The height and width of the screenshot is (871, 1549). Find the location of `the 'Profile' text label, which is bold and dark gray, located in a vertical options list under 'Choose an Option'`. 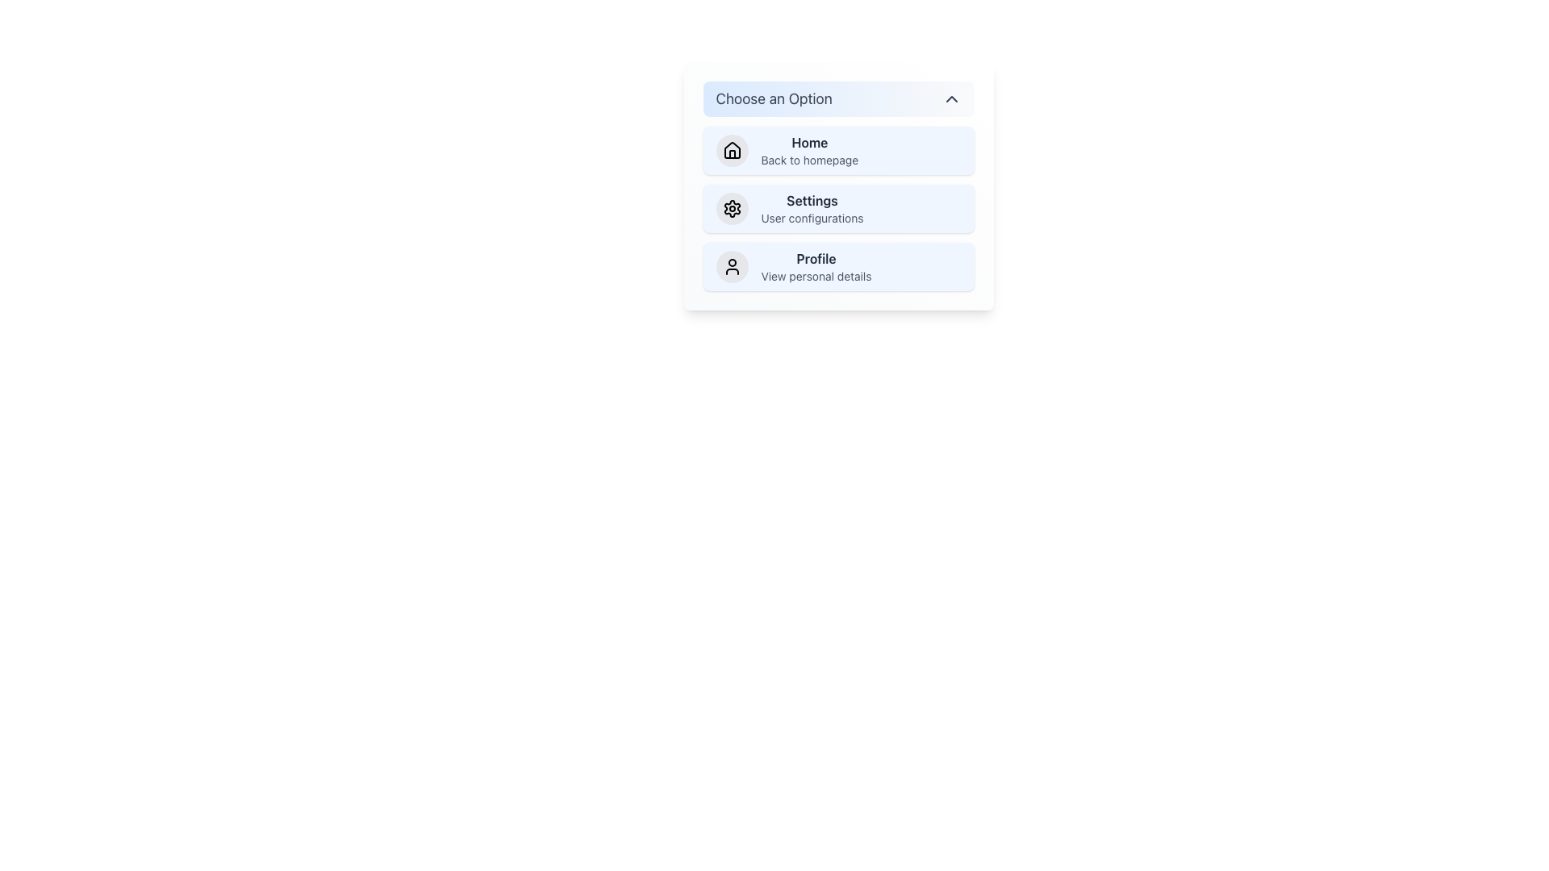

the 'Profile' text label, which is bold and dark gray, located in a vertical options list under 'Choose an Option' is located at coordinates (816, 257).